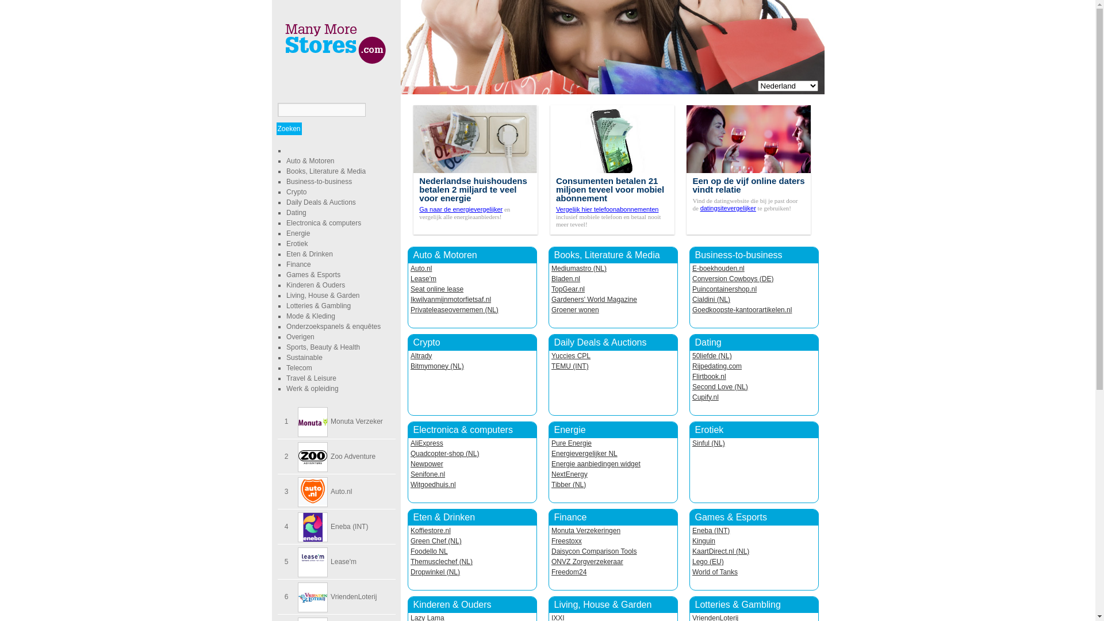 This screenshot has width=1104, height=621. I want to click on 'Bitmymoney (NL)', so click(436, 366).